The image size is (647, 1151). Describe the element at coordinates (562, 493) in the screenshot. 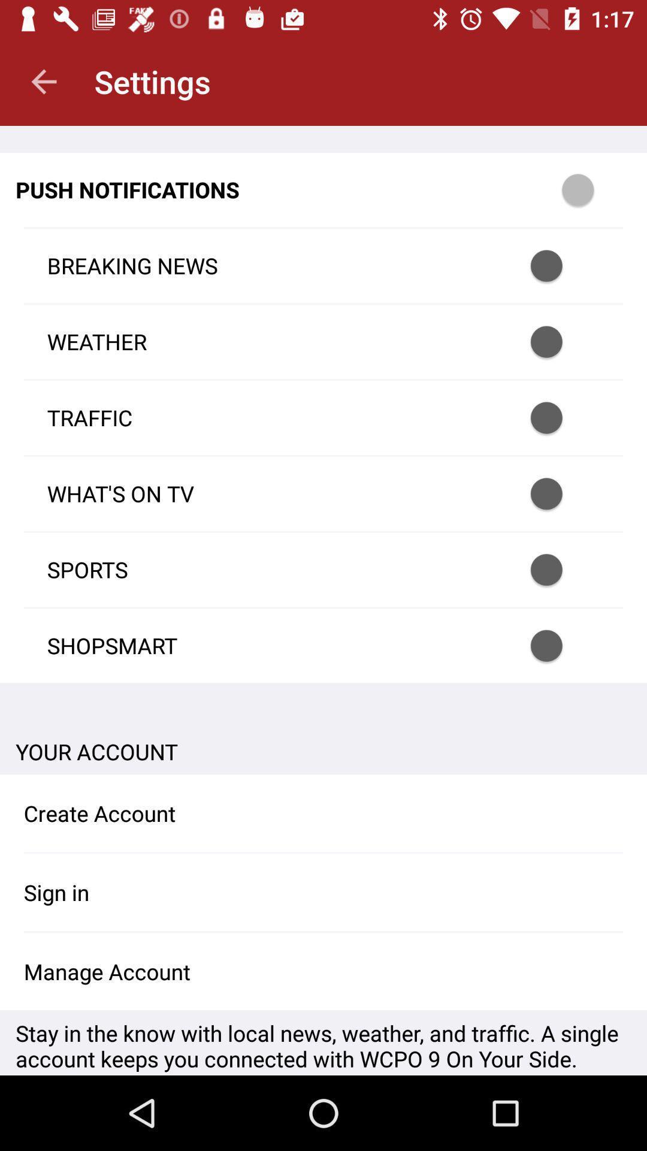

I see `push notification option` at that location.